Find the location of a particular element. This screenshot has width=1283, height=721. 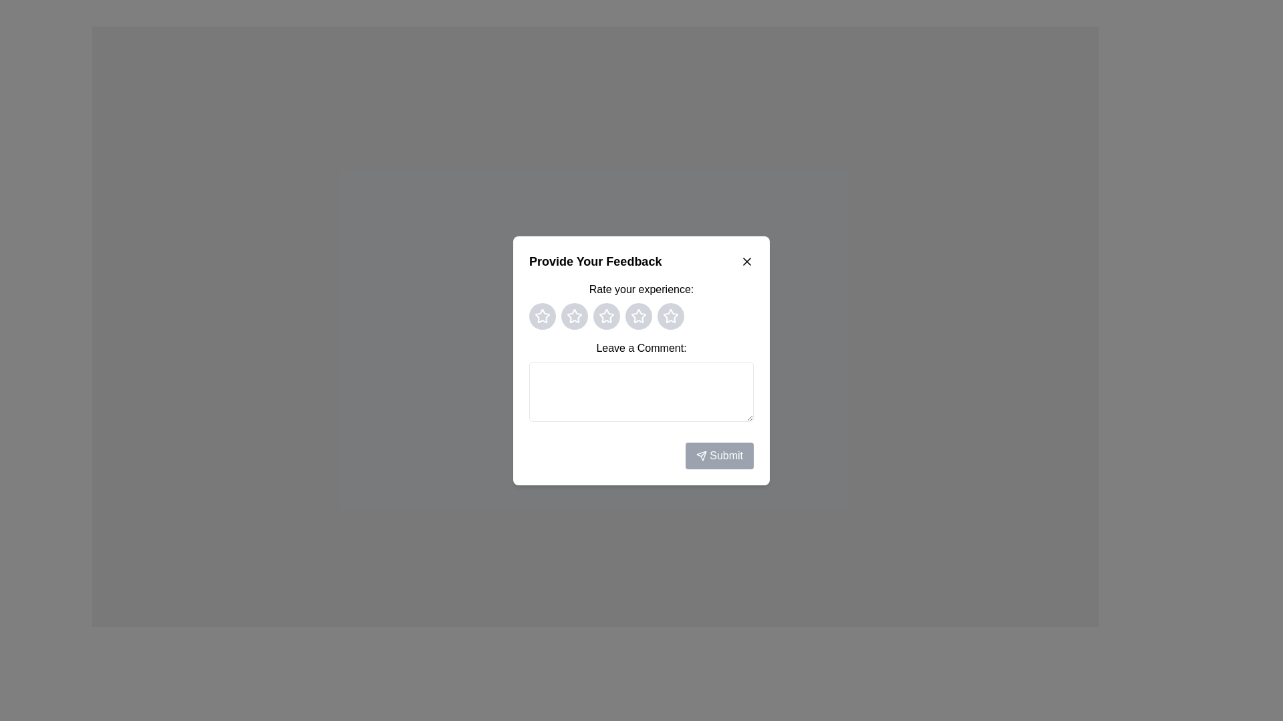

the fifth star button is located at coordinates (670, 316).